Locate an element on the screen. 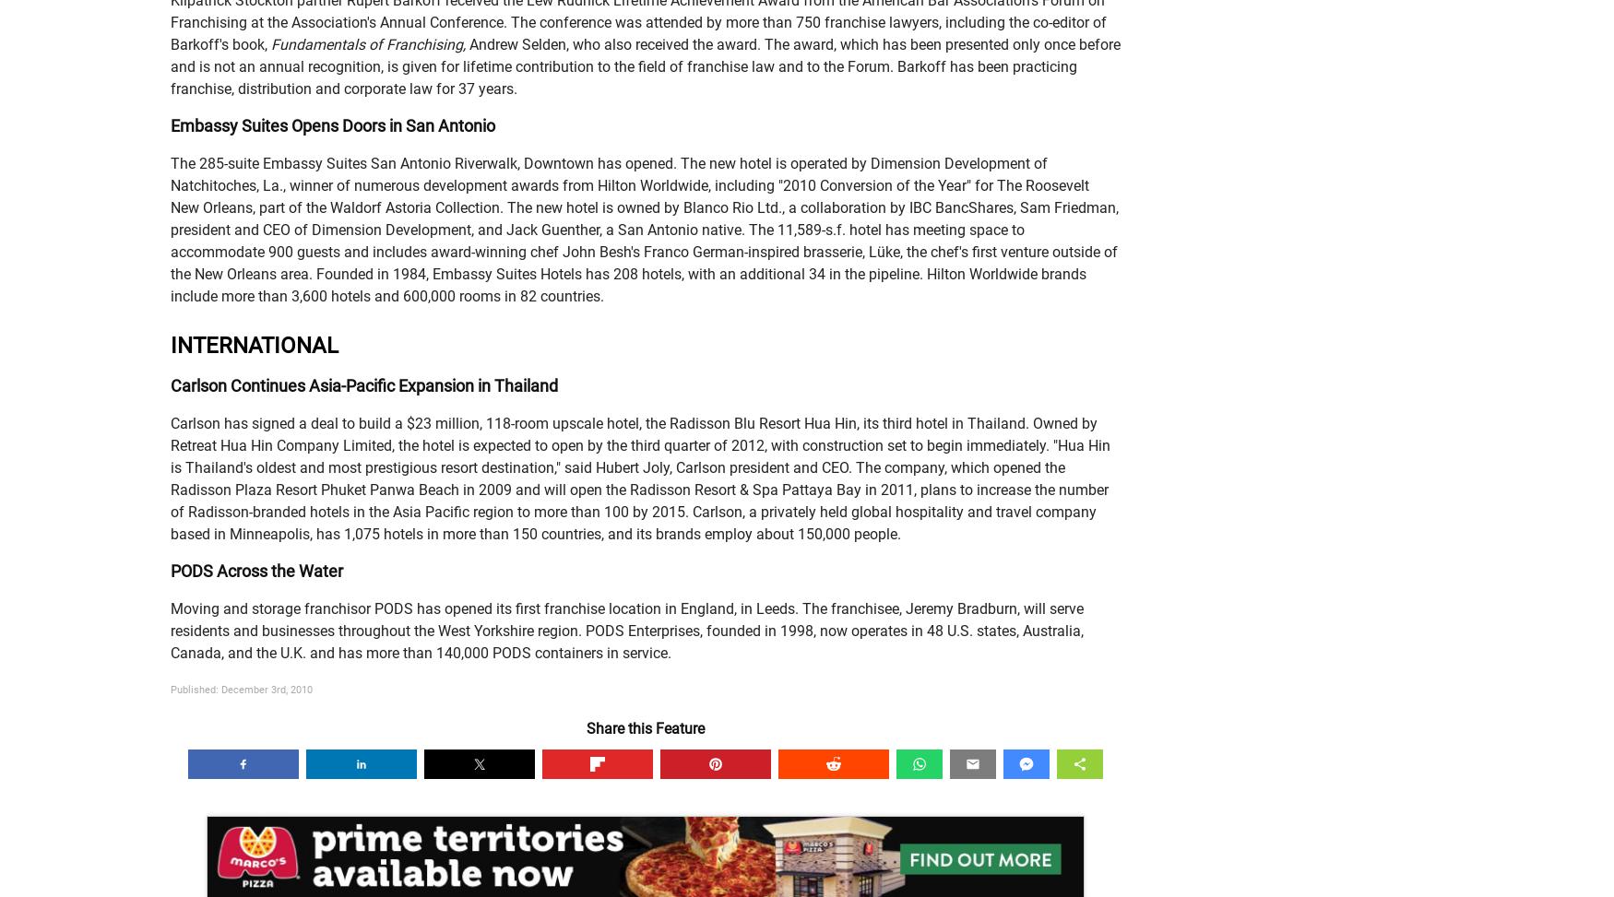 The width and height of the screenshot is (1614, 897). 'Carlson has signed a deal to build a $23 million, 118-room upscale hotel, the Radisson Blu Resort Hua Hin, its third hotel in Thailand. Owned by Retreat Hua Hin Company Limited, the hotel is expected to open by the third quarter of 2012, with construction set to begin immediately. "Hua Hin is Thailand's oldest and most prestigious resort destination," said Hubert Joly, Carlson president and CEO. The company, which opened the Radisson Plaza Resort Phuket Panwa Beach in 2009 and will open the Radisson Resort & Spa Pattaya Bay in 2011, plans to increase the number of Radisson-branded hotels in the Asia Pacific region to more than 100 by 2015. Carlson, a privately held global hospitality and travel company based in Minneapolis, has 1,075 hotels in more than 150 countries, and its brands employ about 150,000 people.' is located at coordinates (640, 478).